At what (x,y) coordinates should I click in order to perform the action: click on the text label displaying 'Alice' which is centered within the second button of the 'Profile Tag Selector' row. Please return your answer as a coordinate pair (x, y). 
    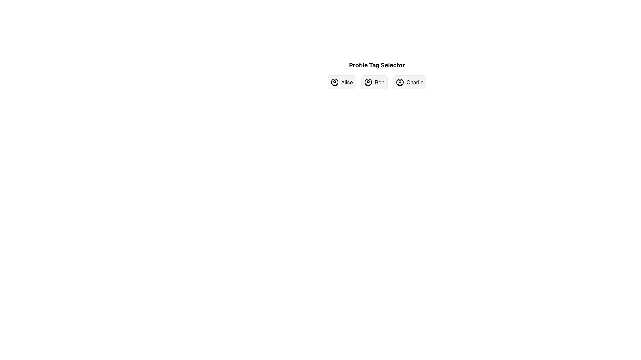
    Looking at the image, I should click on (347, 82).